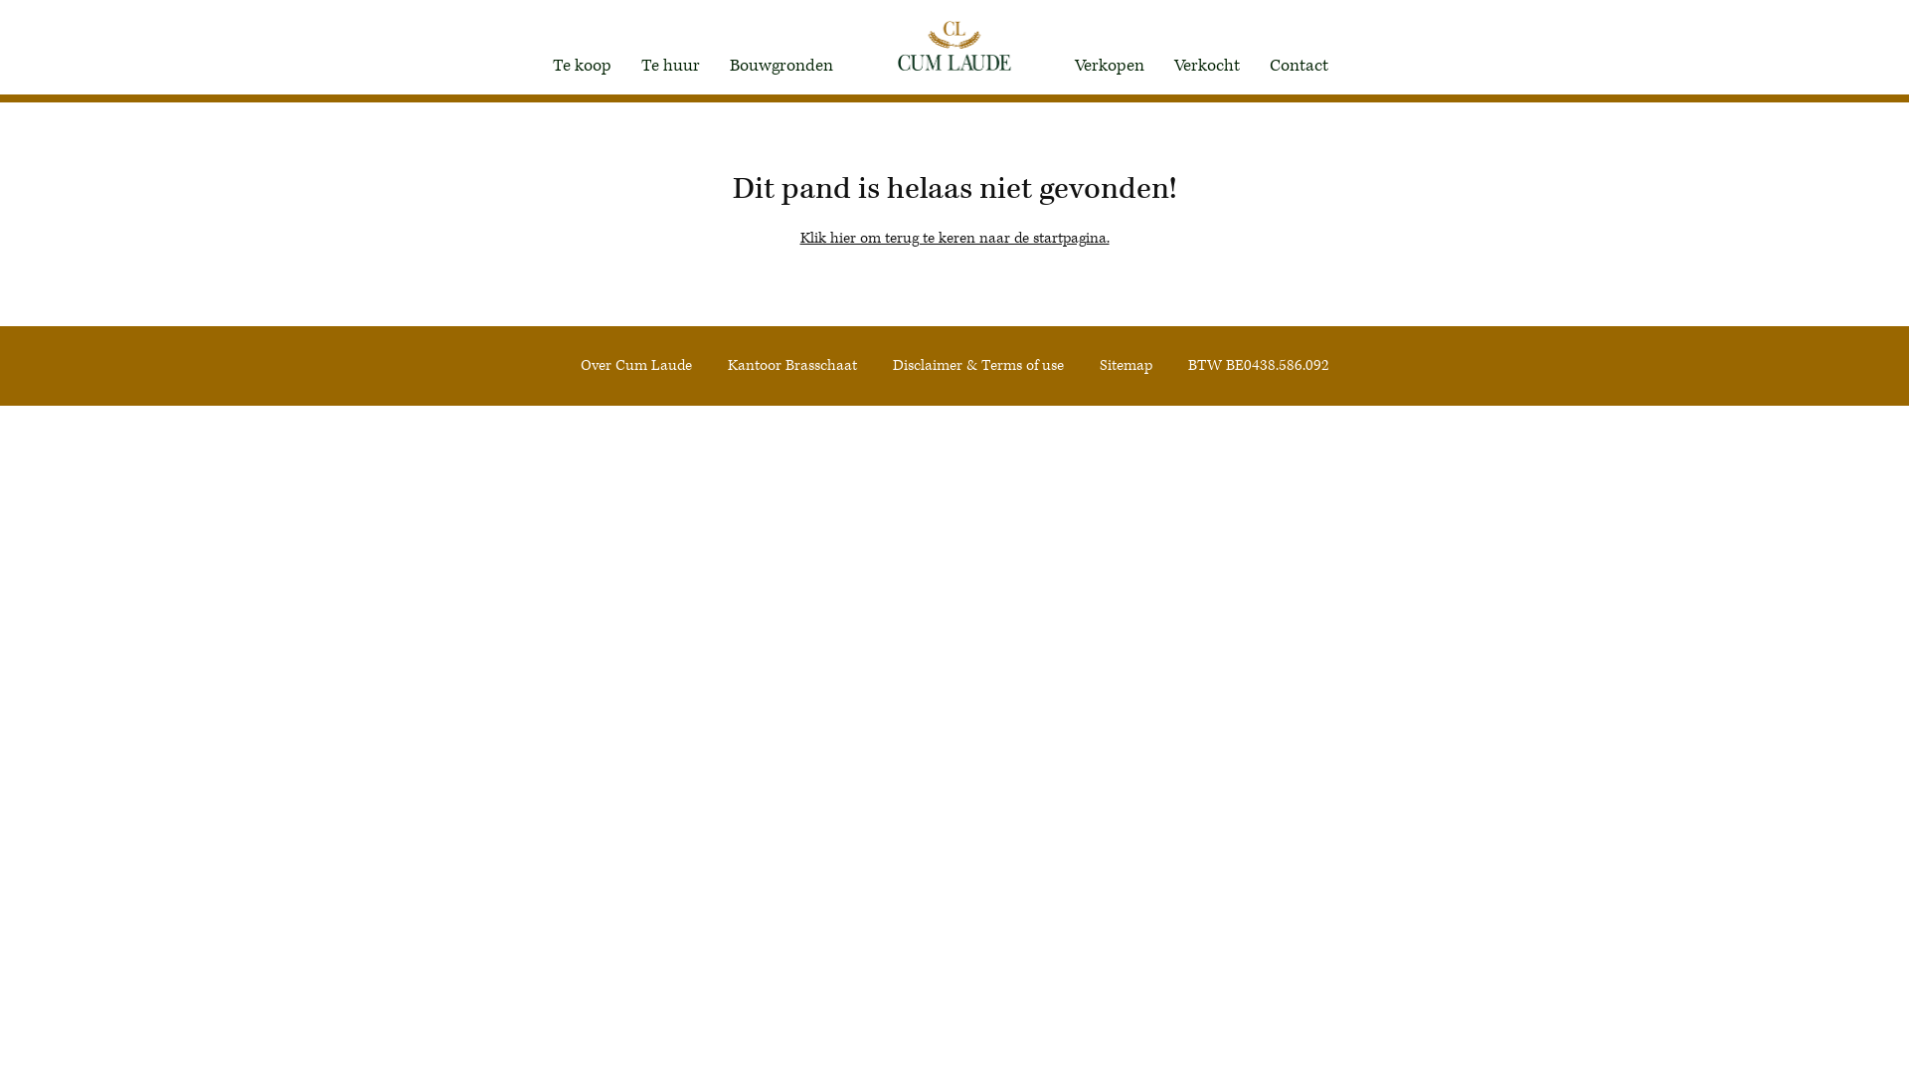  I want to click on 'Te koop', so click(580, 64).